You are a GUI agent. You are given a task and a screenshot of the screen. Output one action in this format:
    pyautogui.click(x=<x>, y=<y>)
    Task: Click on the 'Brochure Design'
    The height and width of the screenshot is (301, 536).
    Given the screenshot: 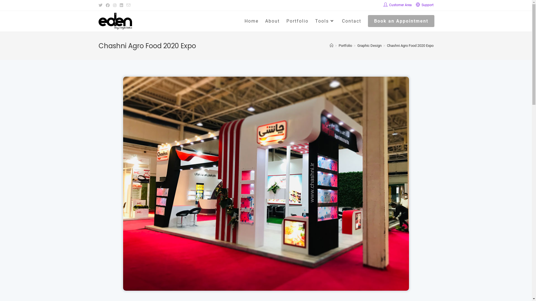 What is the action you would take?
    pyautogui.click(x=224, y=198)
    